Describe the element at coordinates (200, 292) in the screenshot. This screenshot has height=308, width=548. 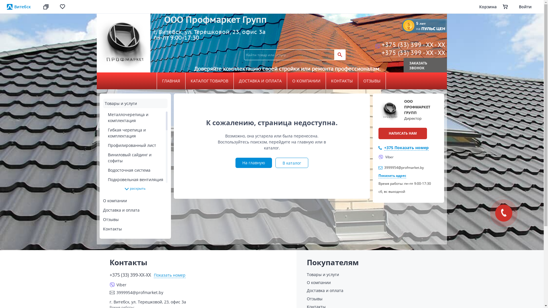
I see `'3999954@profmarket.by'` at that location.